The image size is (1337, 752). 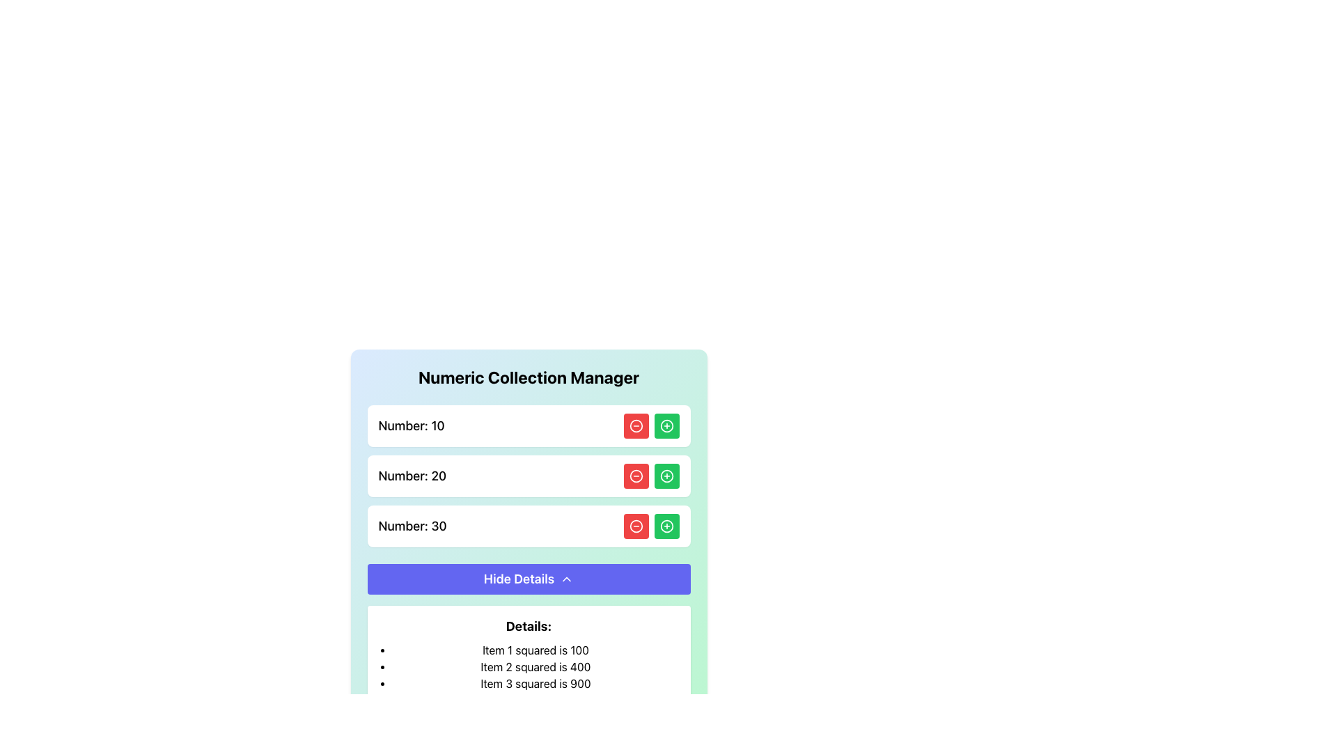 What do you see at coordinates (528, 655) in the screenshot?
I see `the white box with rounded corners containing the title 'Details:' and a list of bulleted items, located below the 'Hide Details' button` at bounding box center [528, 655].